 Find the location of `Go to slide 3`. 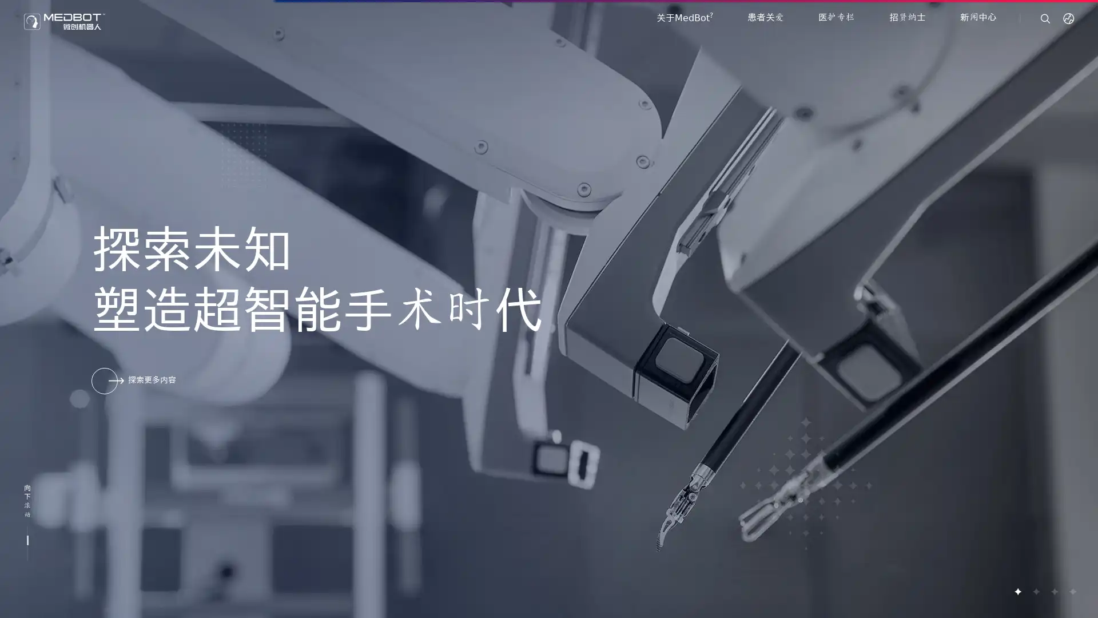

Go to slide 3 is located at coordinates (1053, 591).